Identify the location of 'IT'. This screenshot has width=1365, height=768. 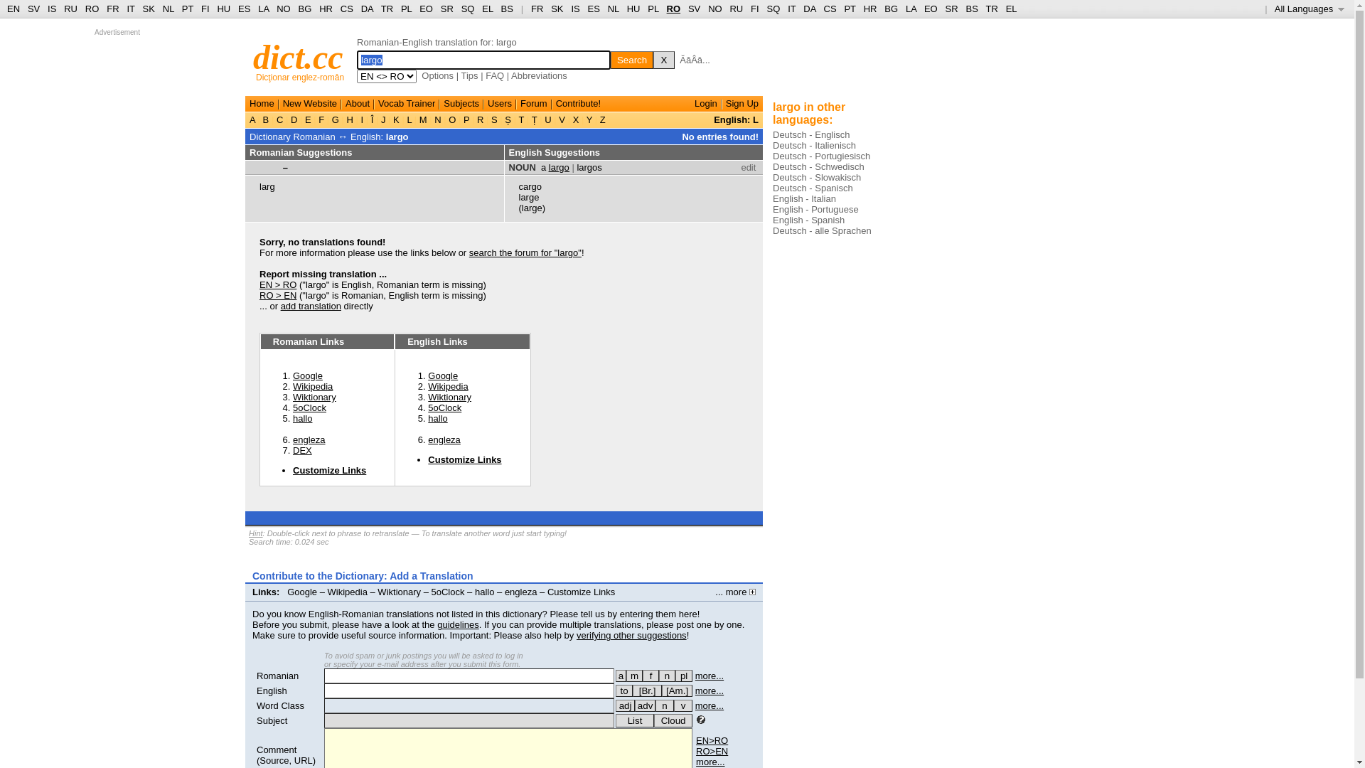
(787, 9).